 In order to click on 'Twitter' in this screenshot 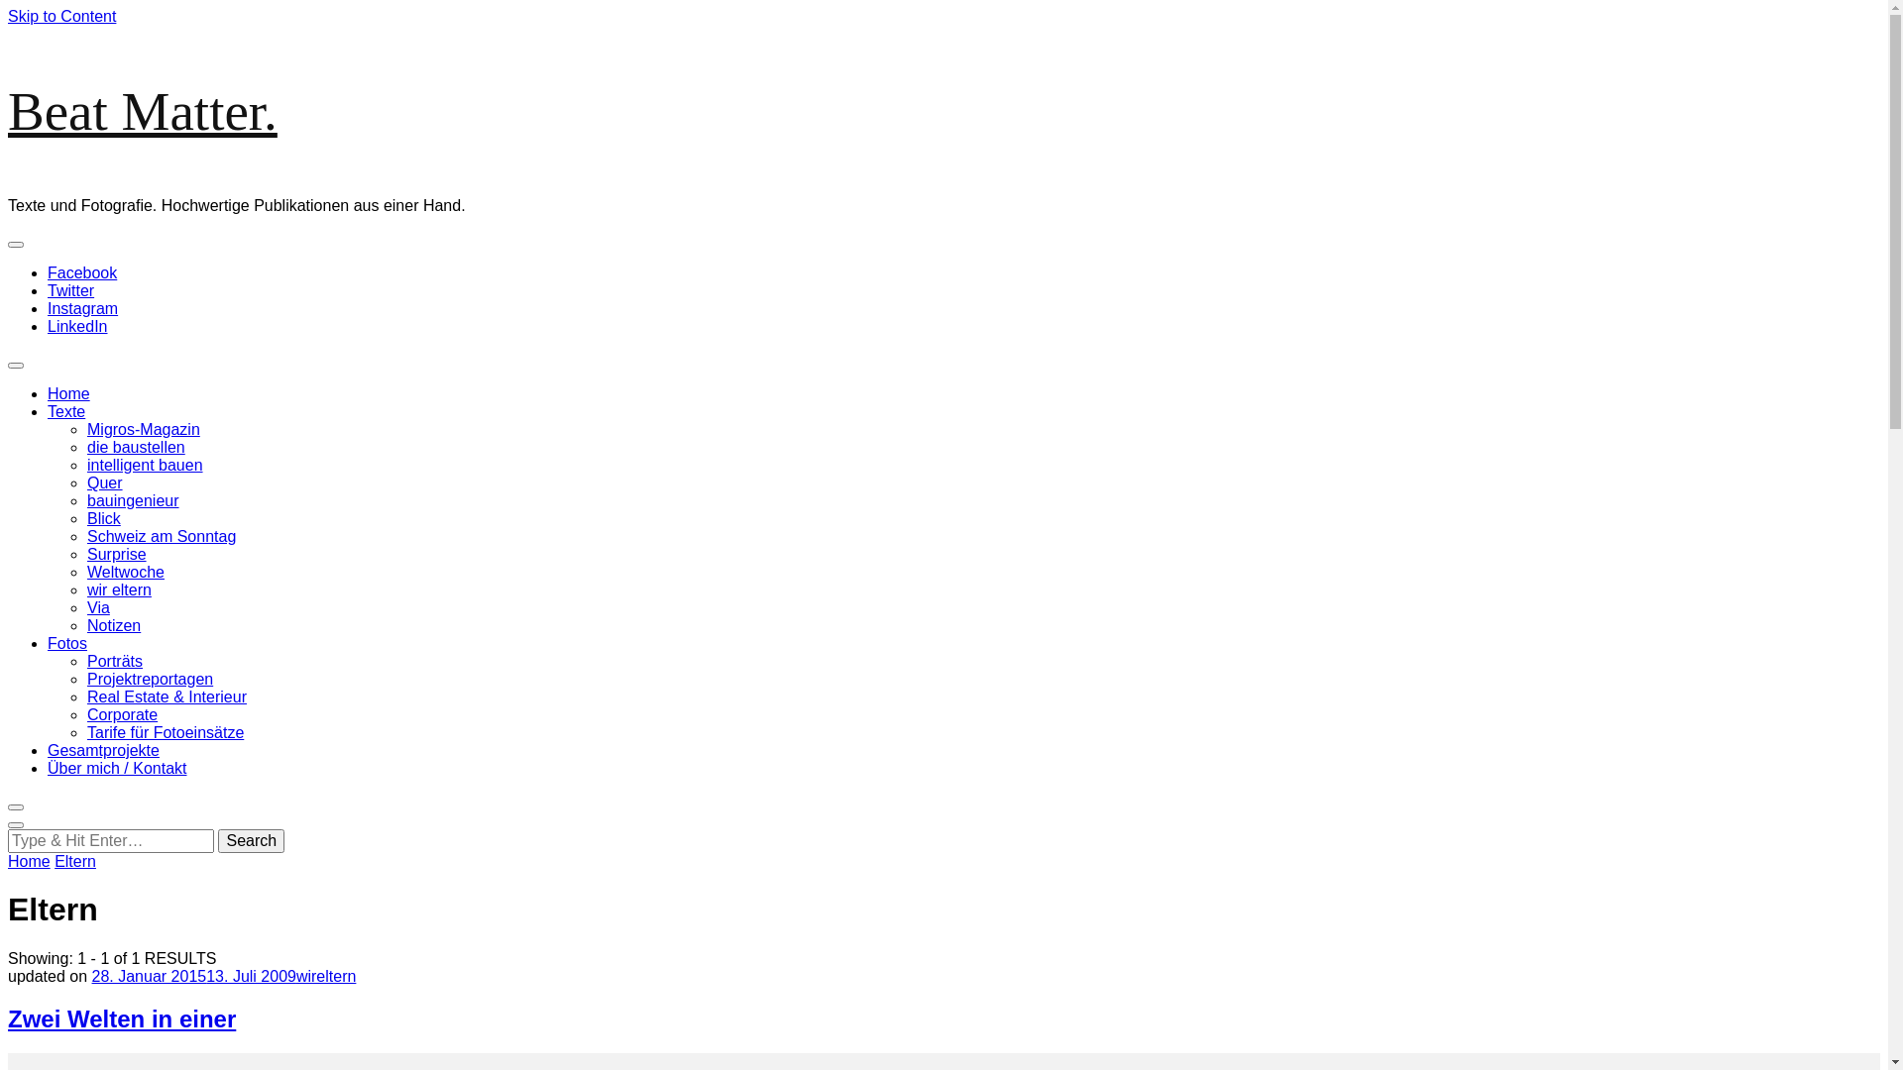, I will do `click(70, 290)`.